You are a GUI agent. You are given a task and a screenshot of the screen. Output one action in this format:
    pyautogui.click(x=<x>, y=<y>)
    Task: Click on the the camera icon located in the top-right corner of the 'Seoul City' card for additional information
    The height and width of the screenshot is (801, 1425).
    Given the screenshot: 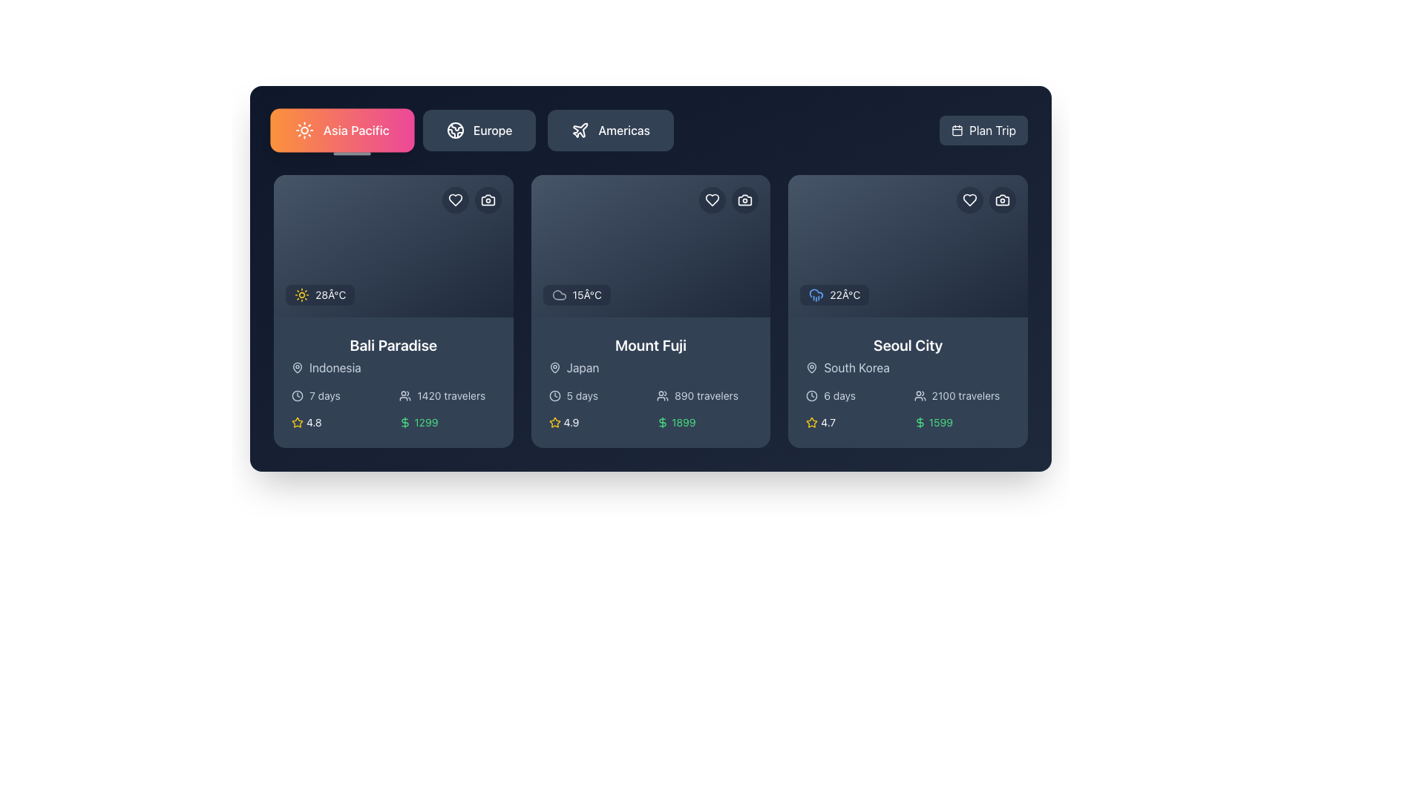 What is the action you would take?
    pyautogui.click(x=1002, y=200)
    